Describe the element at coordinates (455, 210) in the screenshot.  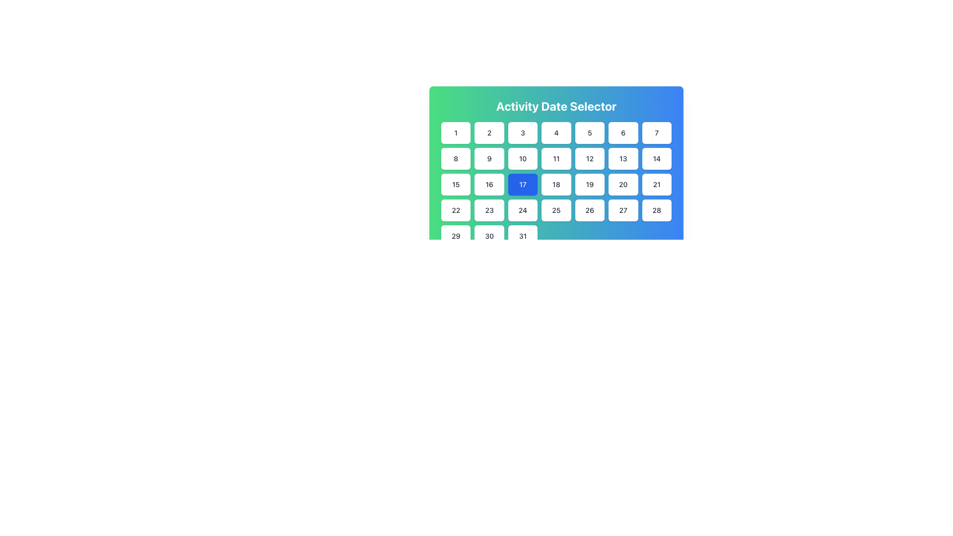
I see `the 22nd day button in the calendar interface` at that location.